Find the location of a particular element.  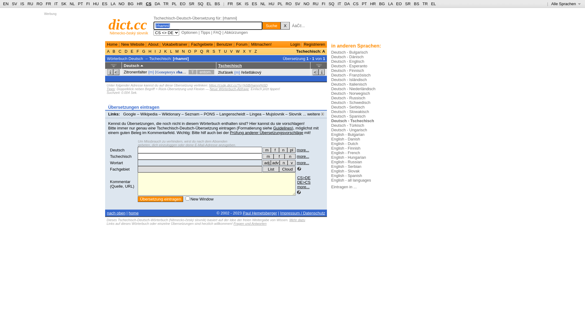

'X' is located at coordinates (285, 25).